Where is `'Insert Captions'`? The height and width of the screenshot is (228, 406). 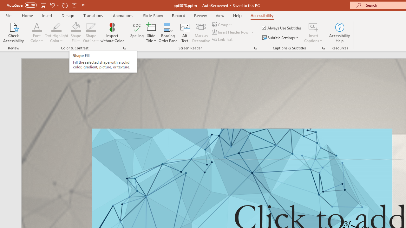
'Insert Captions' is located at coordinates (313, 27).